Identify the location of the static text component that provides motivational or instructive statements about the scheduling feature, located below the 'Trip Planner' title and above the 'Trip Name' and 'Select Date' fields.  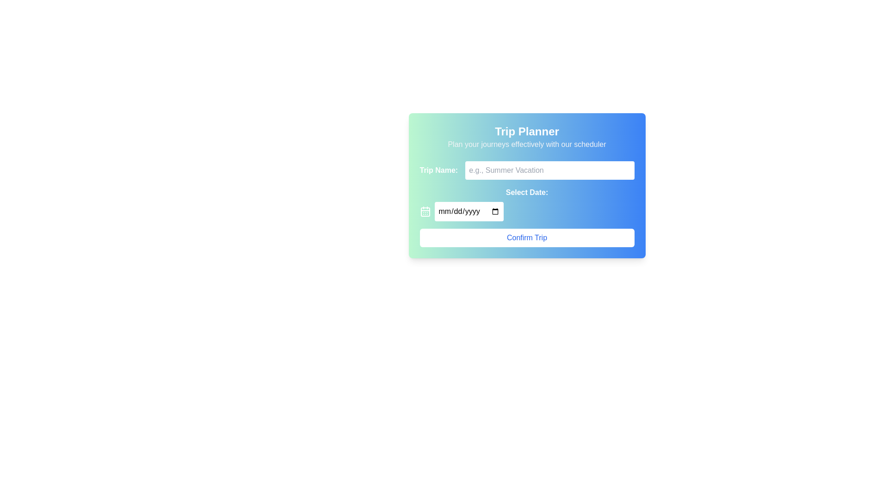
(527, 144).